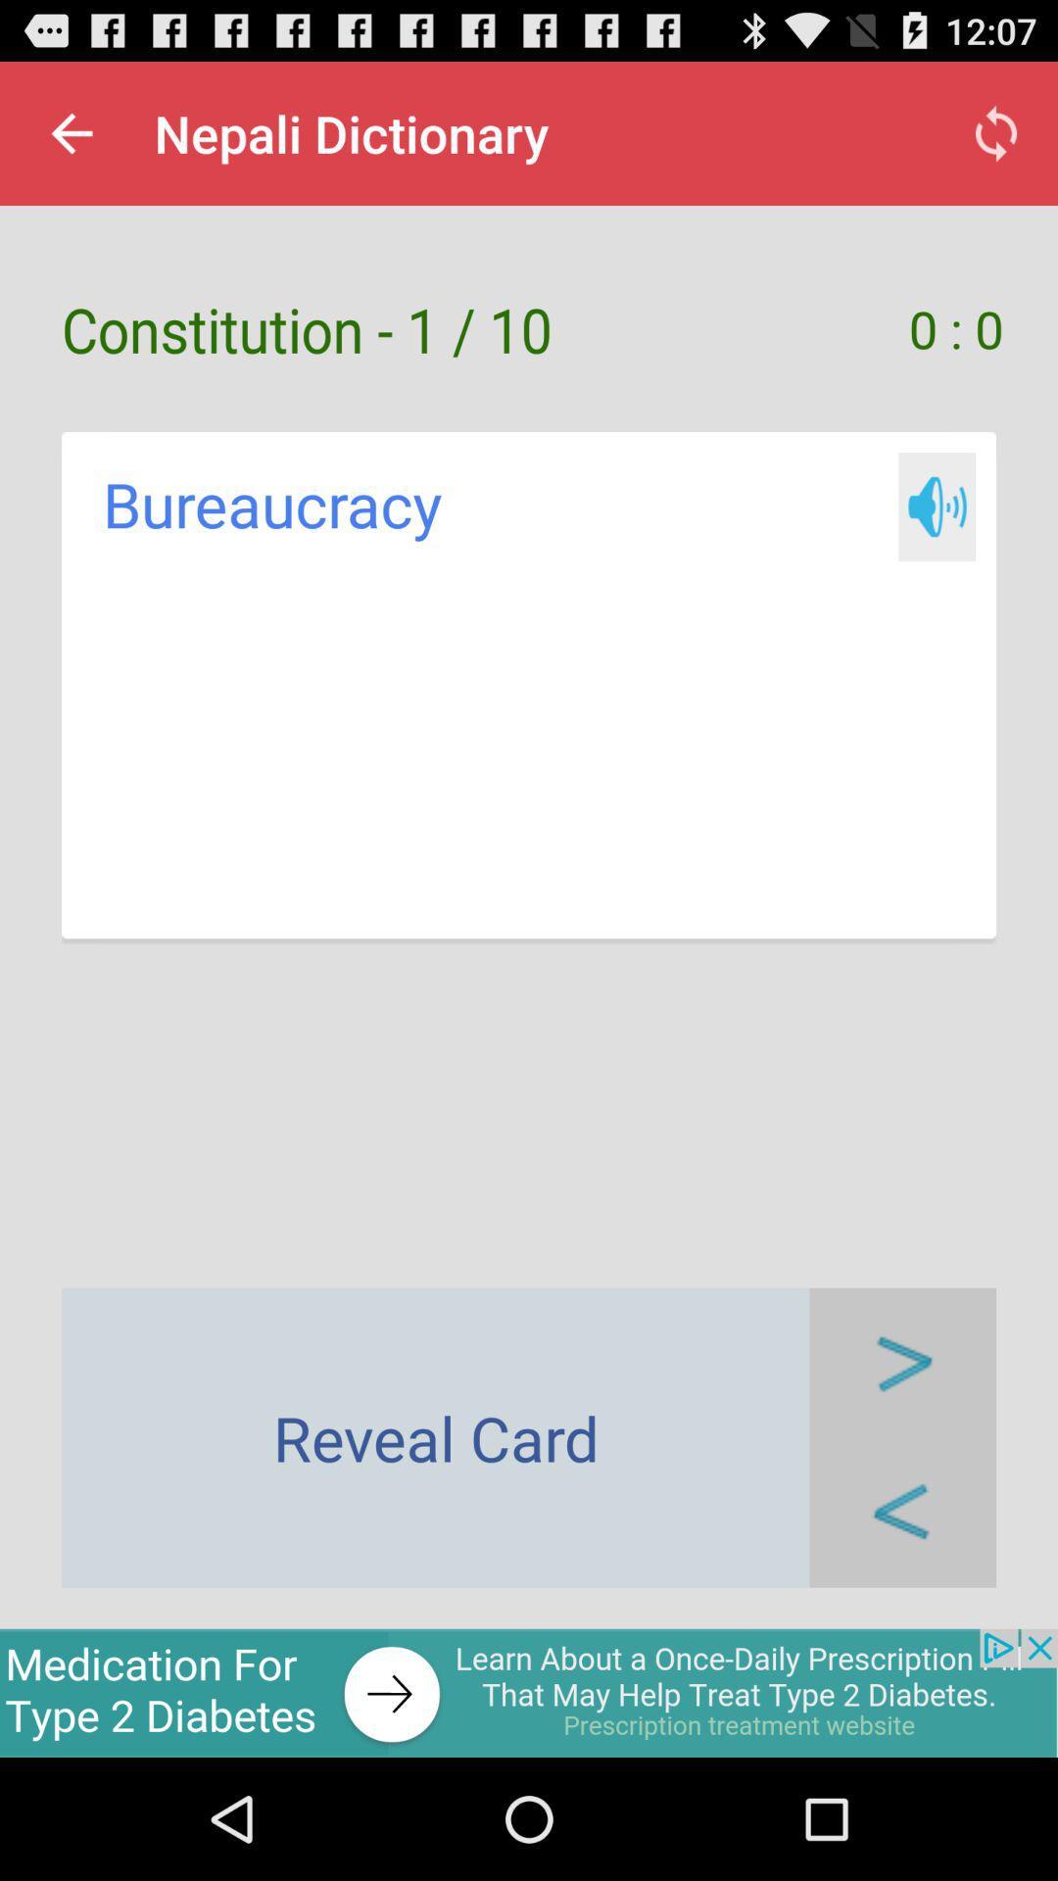  I want to click on next, so click(902, 1362).